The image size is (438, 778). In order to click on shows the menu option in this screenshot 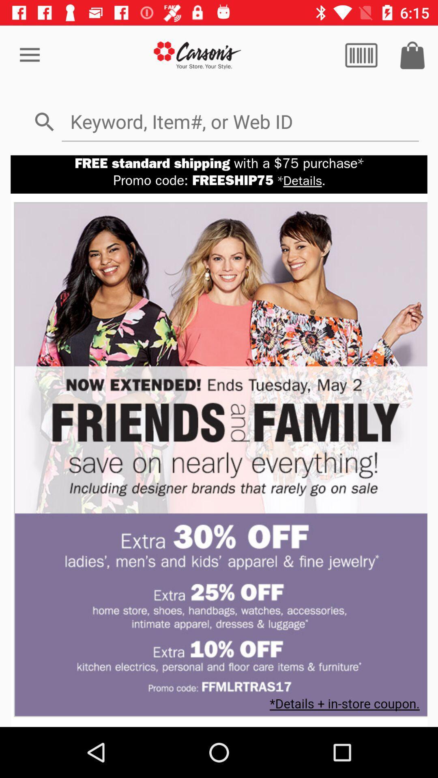, I will do `click(361, 55)`.